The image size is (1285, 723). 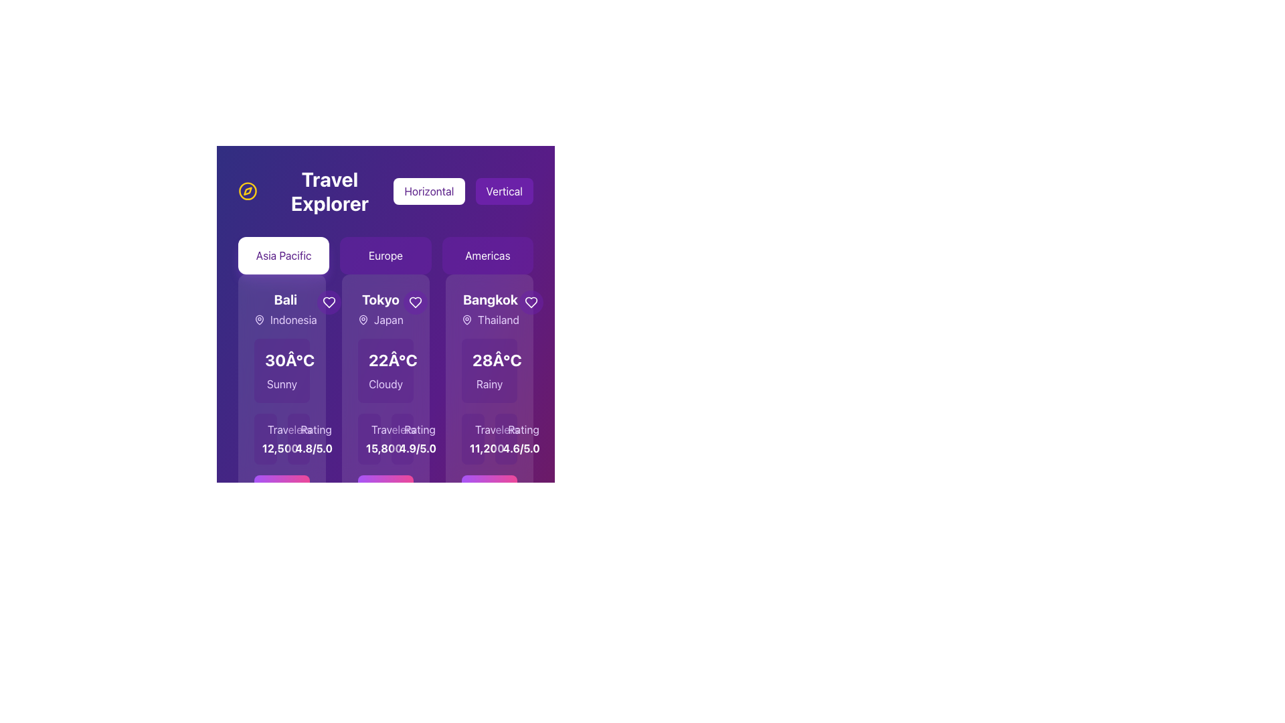 What do you see at coordinates (489, 299) in the screenshot?
I see `the text label 'Bangkok'` at bounding box center [489, 299].